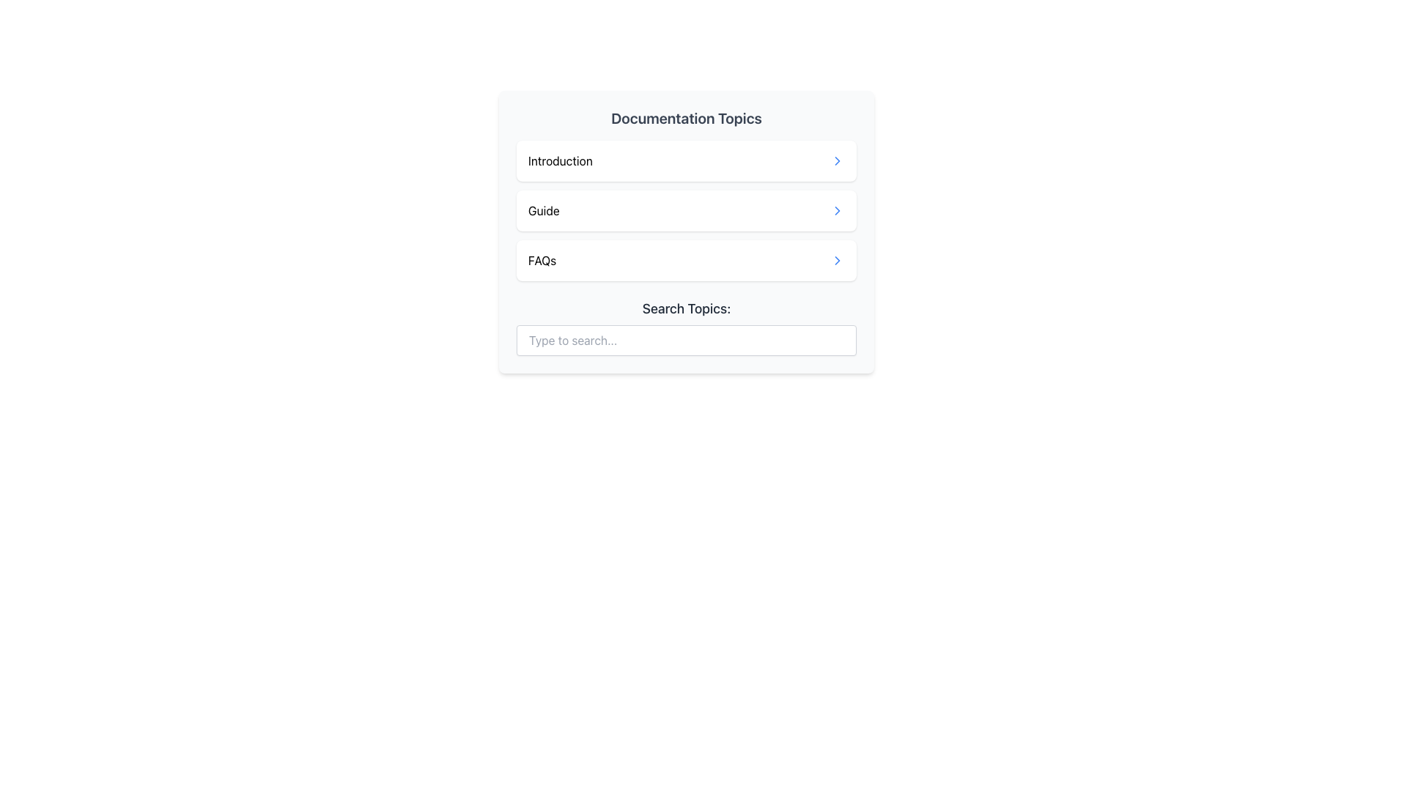 This screenshot has height=791, width=1407. Describe the element at coordinates (837, 211) in the screenshot. I see `the clickable icon located on the far right of the 'Guide' option` at that location.